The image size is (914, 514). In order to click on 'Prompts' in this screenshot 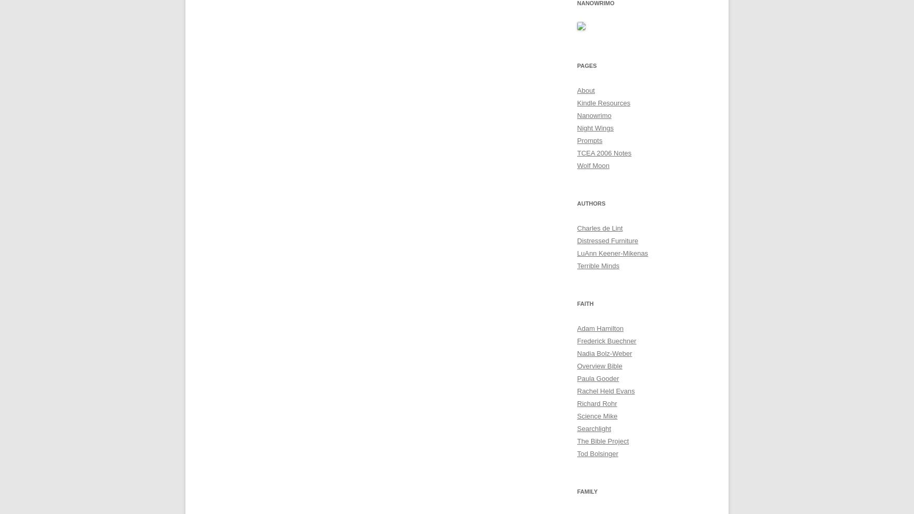, I will do `click(577, 140)`.